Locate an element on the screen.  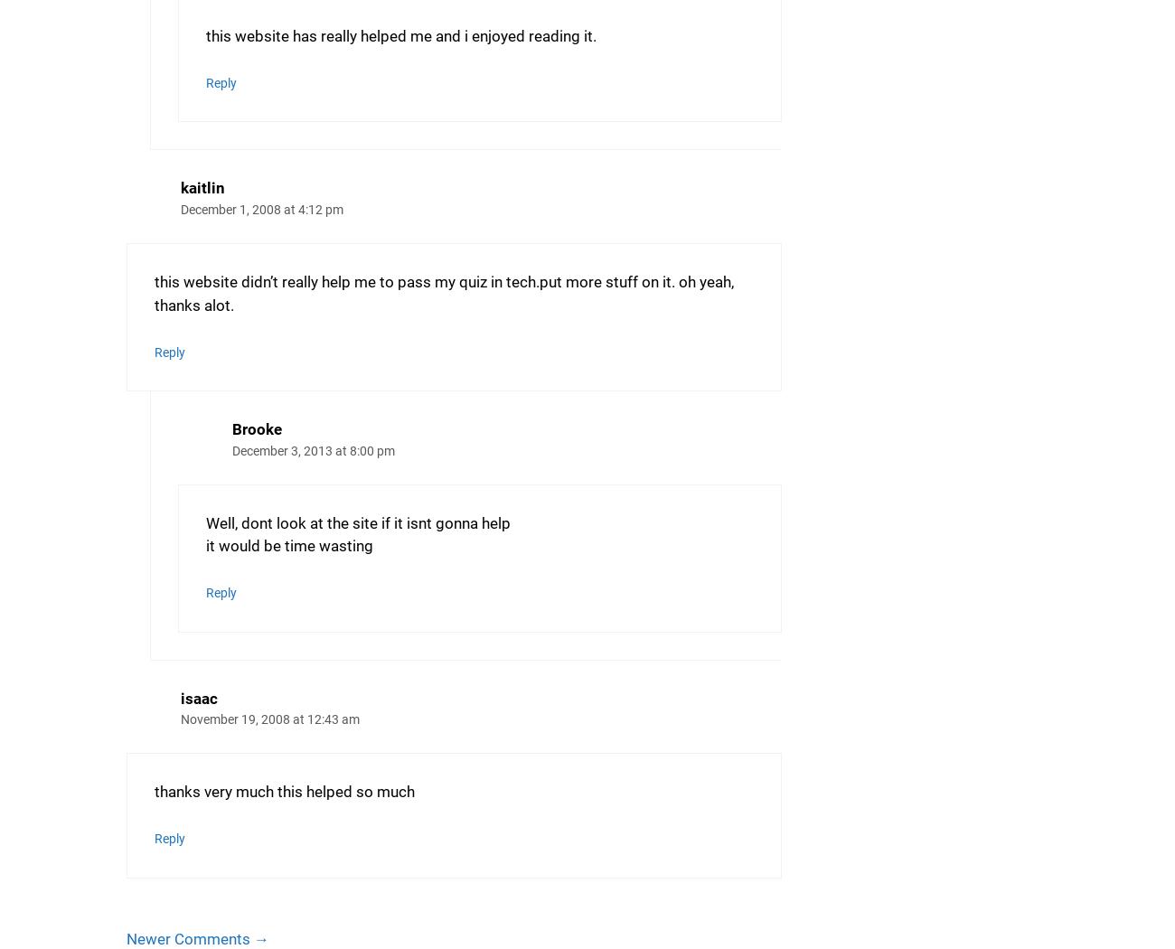
'this website has really helped me and i enjoyed reading it.' is located at coordinates (203, 34).